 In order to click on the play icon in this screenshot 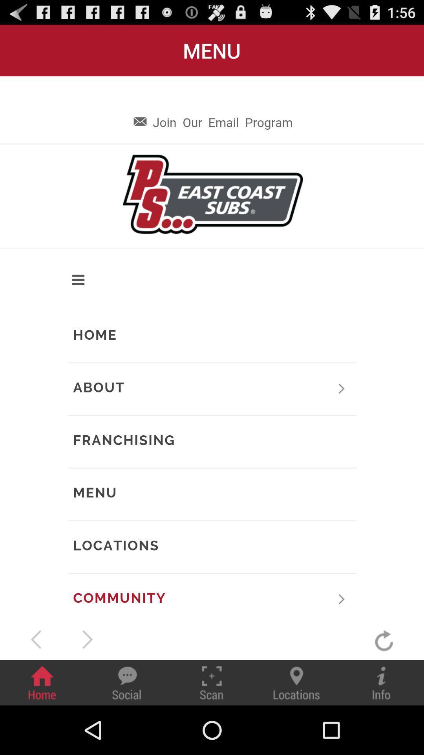, I will do `click(88, 684)`.